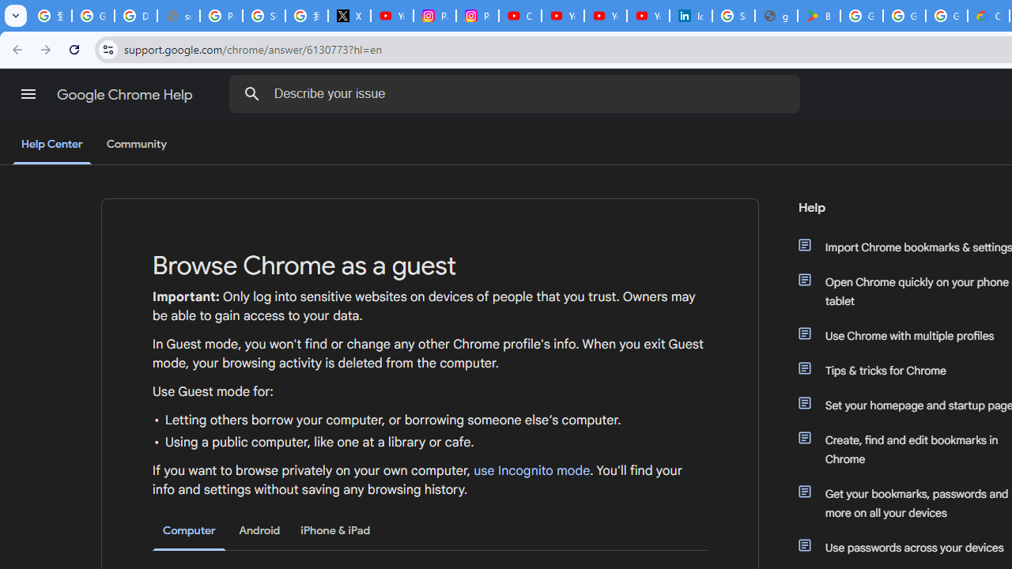 Image resolution: width=1012 pixels, height=569 pixels. What do you see at coordinates (532, 470) in the screenshot?
I see `'use Incognito mode'` at bounding box center [532, 470].